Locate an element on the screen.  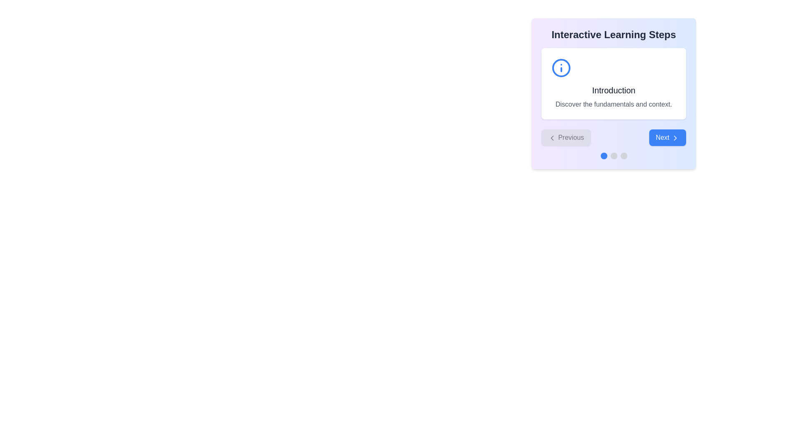
the forward navigation icon located to the right of the 'Next' button in the 'Interactive Learning Steps' card interface is located at coordinates (675, 137).